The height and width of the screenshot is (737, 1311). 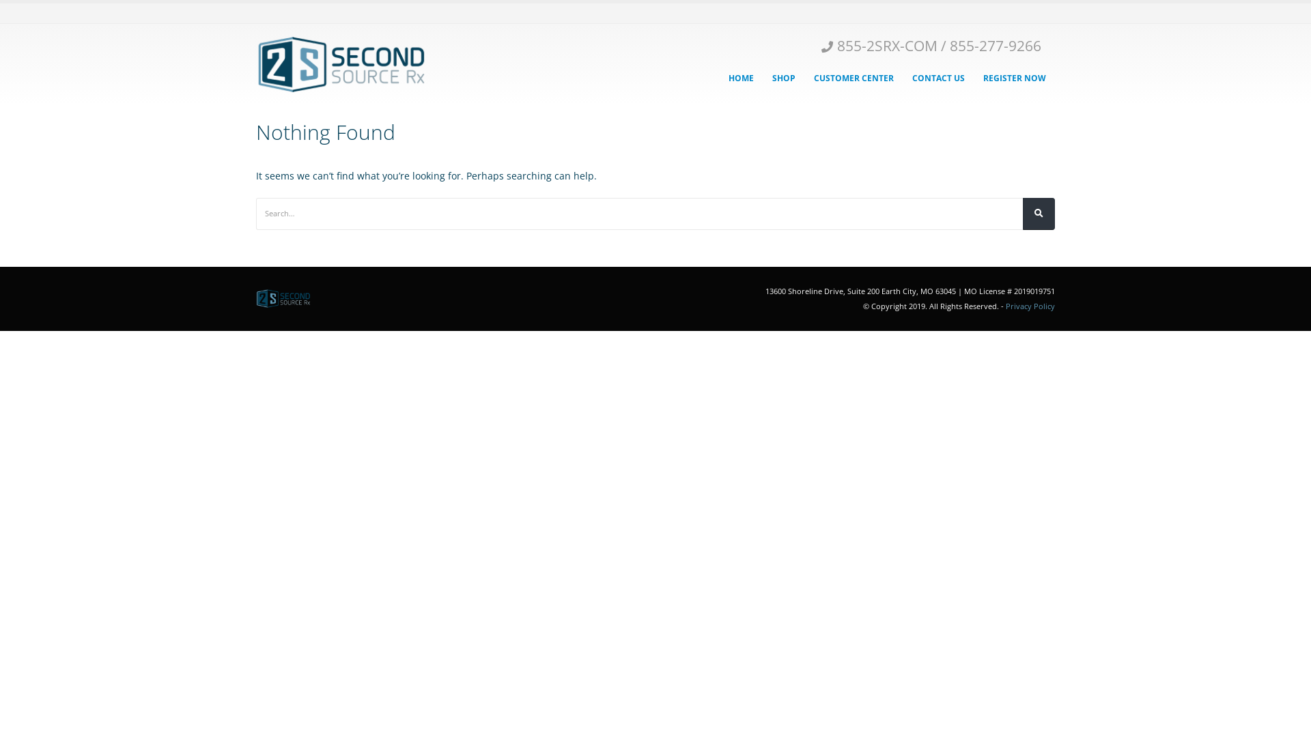 I want to click on 'SHOP', so click(x=783, y=78).